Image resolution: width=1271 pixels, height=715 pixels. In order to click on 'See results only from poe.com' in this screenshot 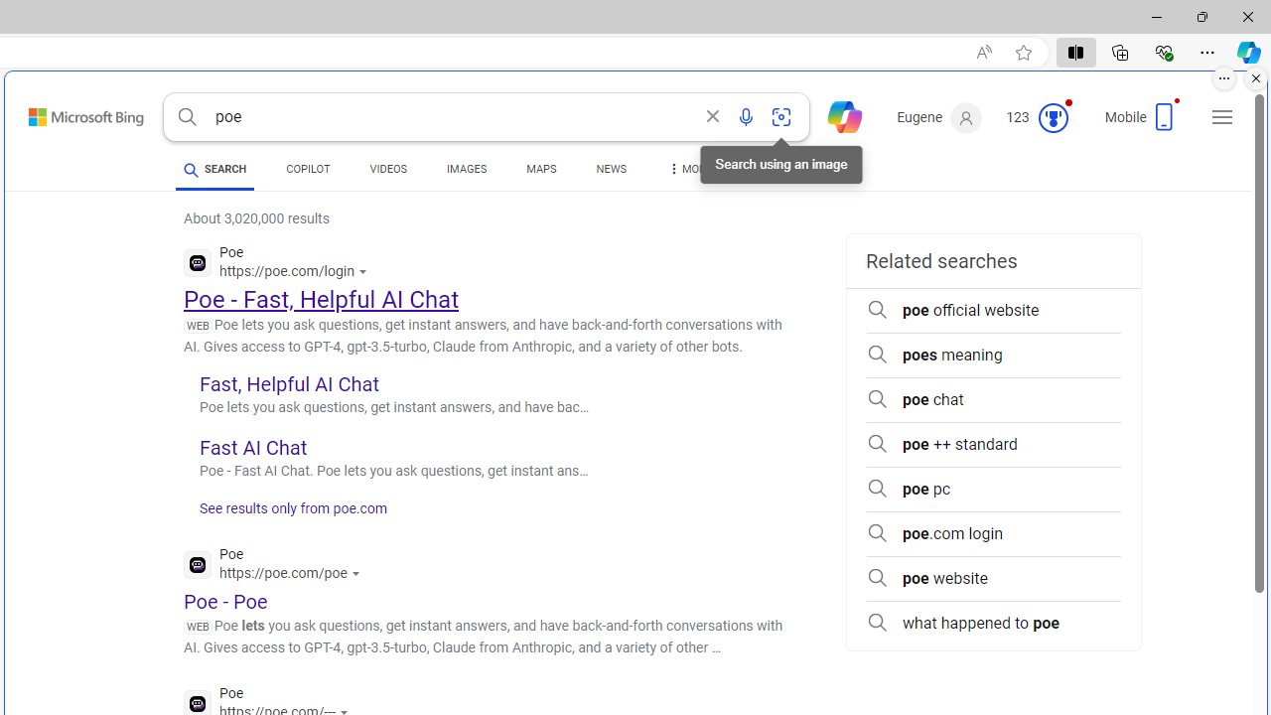, I will do `click(285, 512)`.